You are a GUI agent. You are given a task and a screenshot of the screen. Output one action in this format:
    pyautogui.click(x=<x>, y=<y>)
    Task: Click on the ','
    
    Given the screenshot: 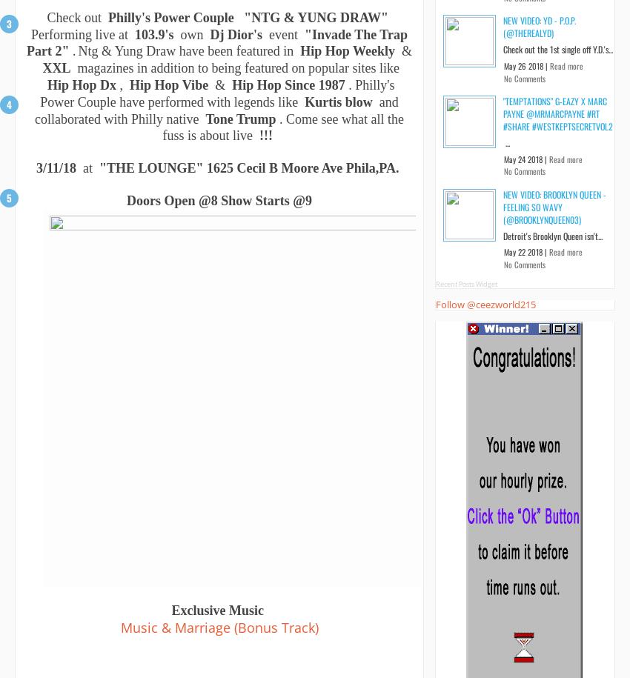 What is the action you would take?
    pyautogui.click(x=122, y=85)
    